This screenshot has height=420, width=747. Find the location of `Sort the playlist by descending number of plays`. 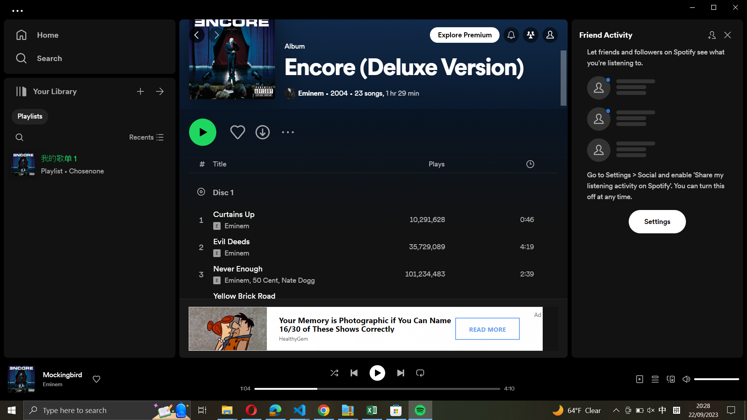

Sort the playlist by descending number of plays is located at coordinates (466, 165).